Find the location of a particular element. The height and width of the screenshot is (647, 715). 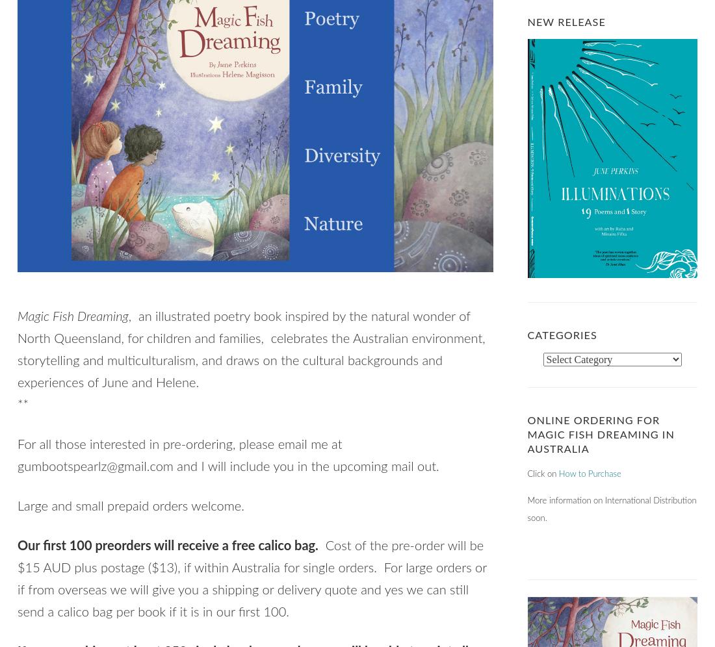

'For all those interested in pre-ordering, please email me at gumbootspearlz@gmail.com and I will include you in the upcoming mail out.' is located at coordinates (228, 455).